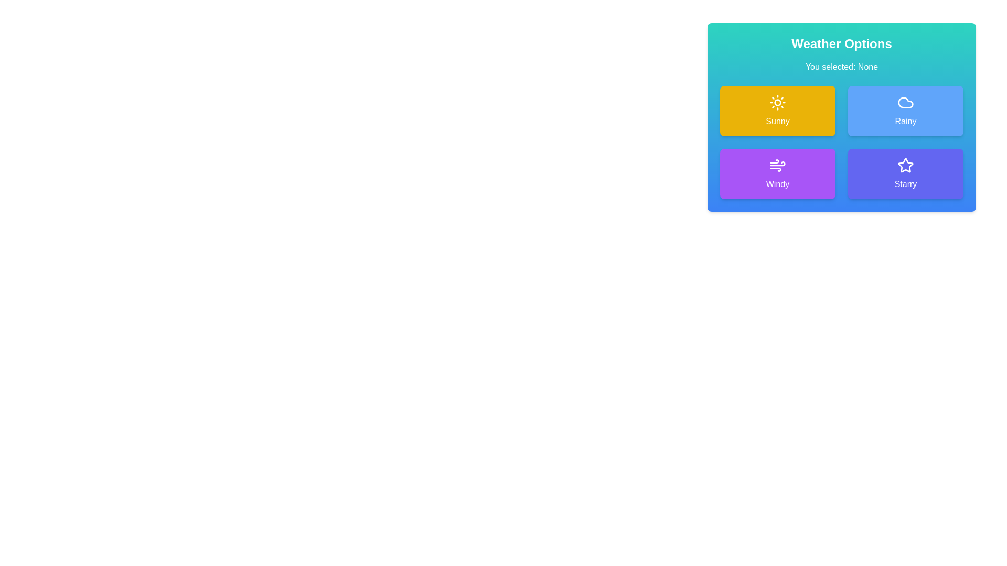  Describe the element at coordinates (905, 111) in the screenshot. I see `the 'Rainy' weather button located at the top-right corner of the grid` at that location.